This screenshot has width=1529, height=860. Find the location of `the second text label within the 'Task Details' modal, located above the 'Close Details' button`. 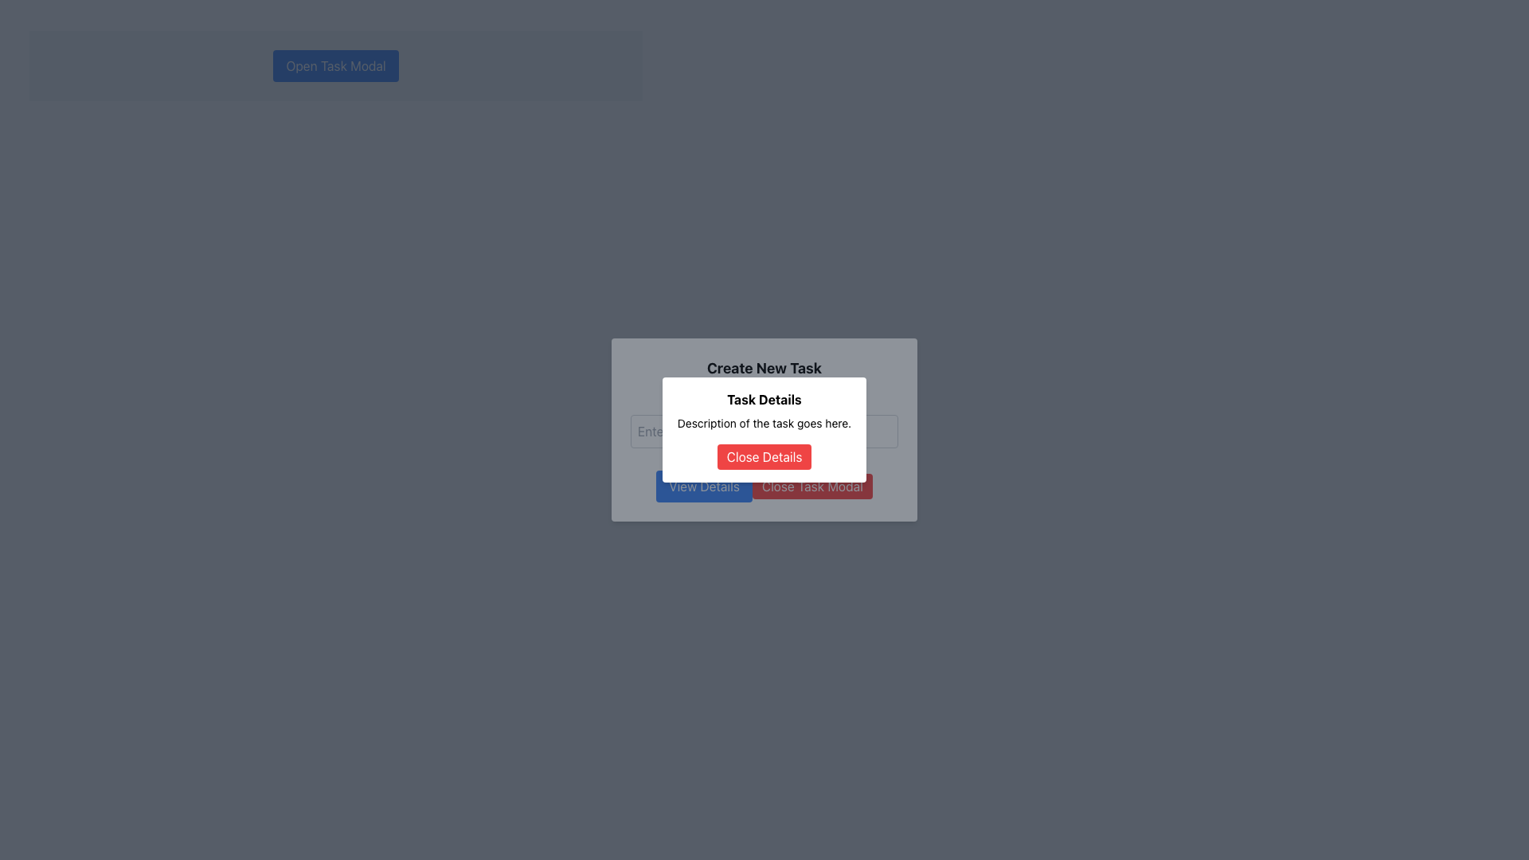

the second text label within the 'Task Details' modal, located above the 'Close Details' button is located at coordinates (764, 423).